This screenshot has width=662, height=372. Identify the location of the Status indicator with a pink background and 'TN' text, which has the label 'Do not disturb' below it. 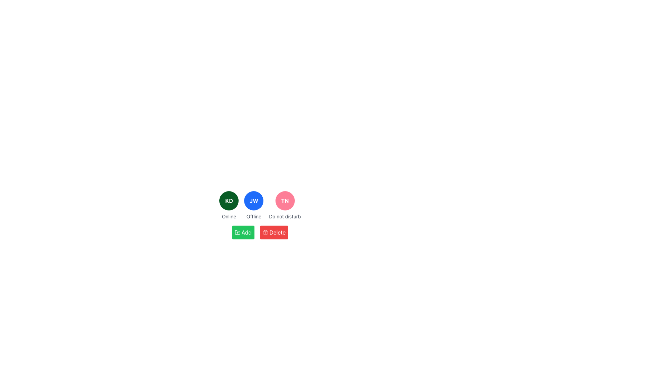
(285, 205).